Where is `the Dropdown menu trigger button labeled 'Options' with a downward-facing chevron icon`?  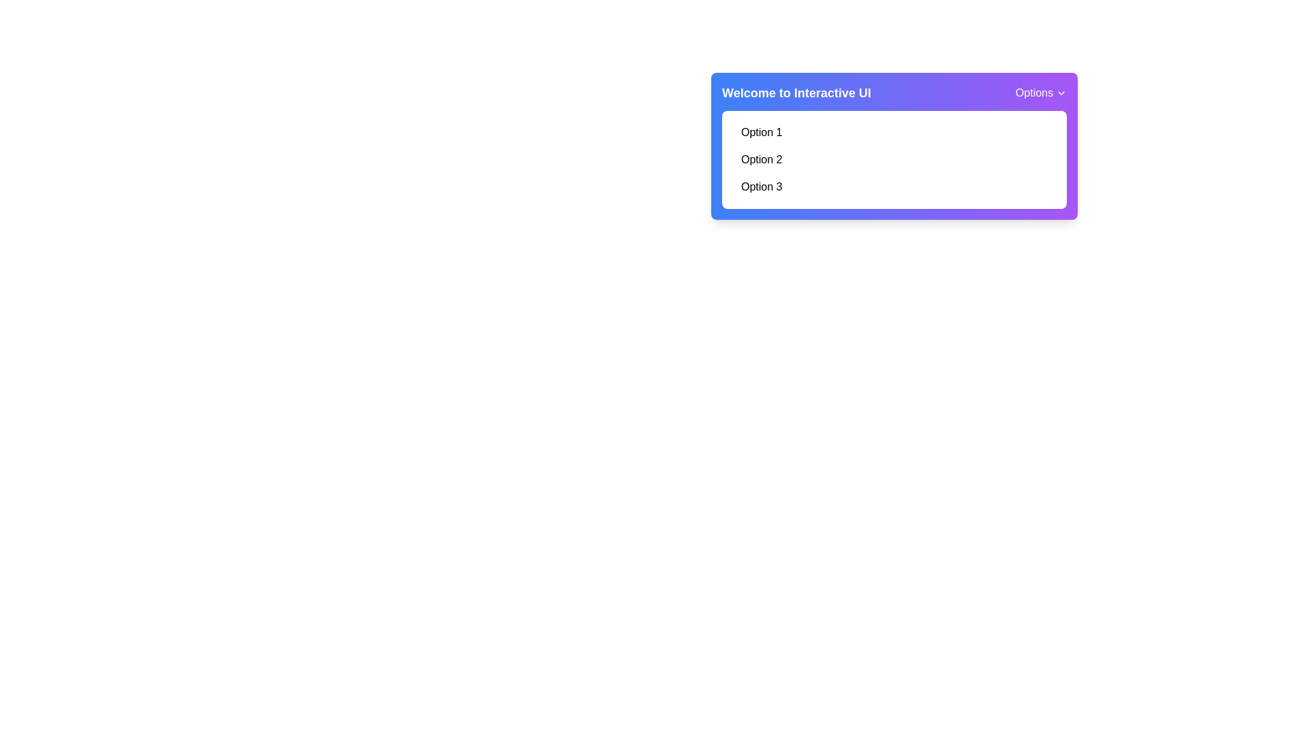 the Dropdown menu trigger button labeled 'Options' with a downward-facing chevron icon is located at coordinates (1040, 93).